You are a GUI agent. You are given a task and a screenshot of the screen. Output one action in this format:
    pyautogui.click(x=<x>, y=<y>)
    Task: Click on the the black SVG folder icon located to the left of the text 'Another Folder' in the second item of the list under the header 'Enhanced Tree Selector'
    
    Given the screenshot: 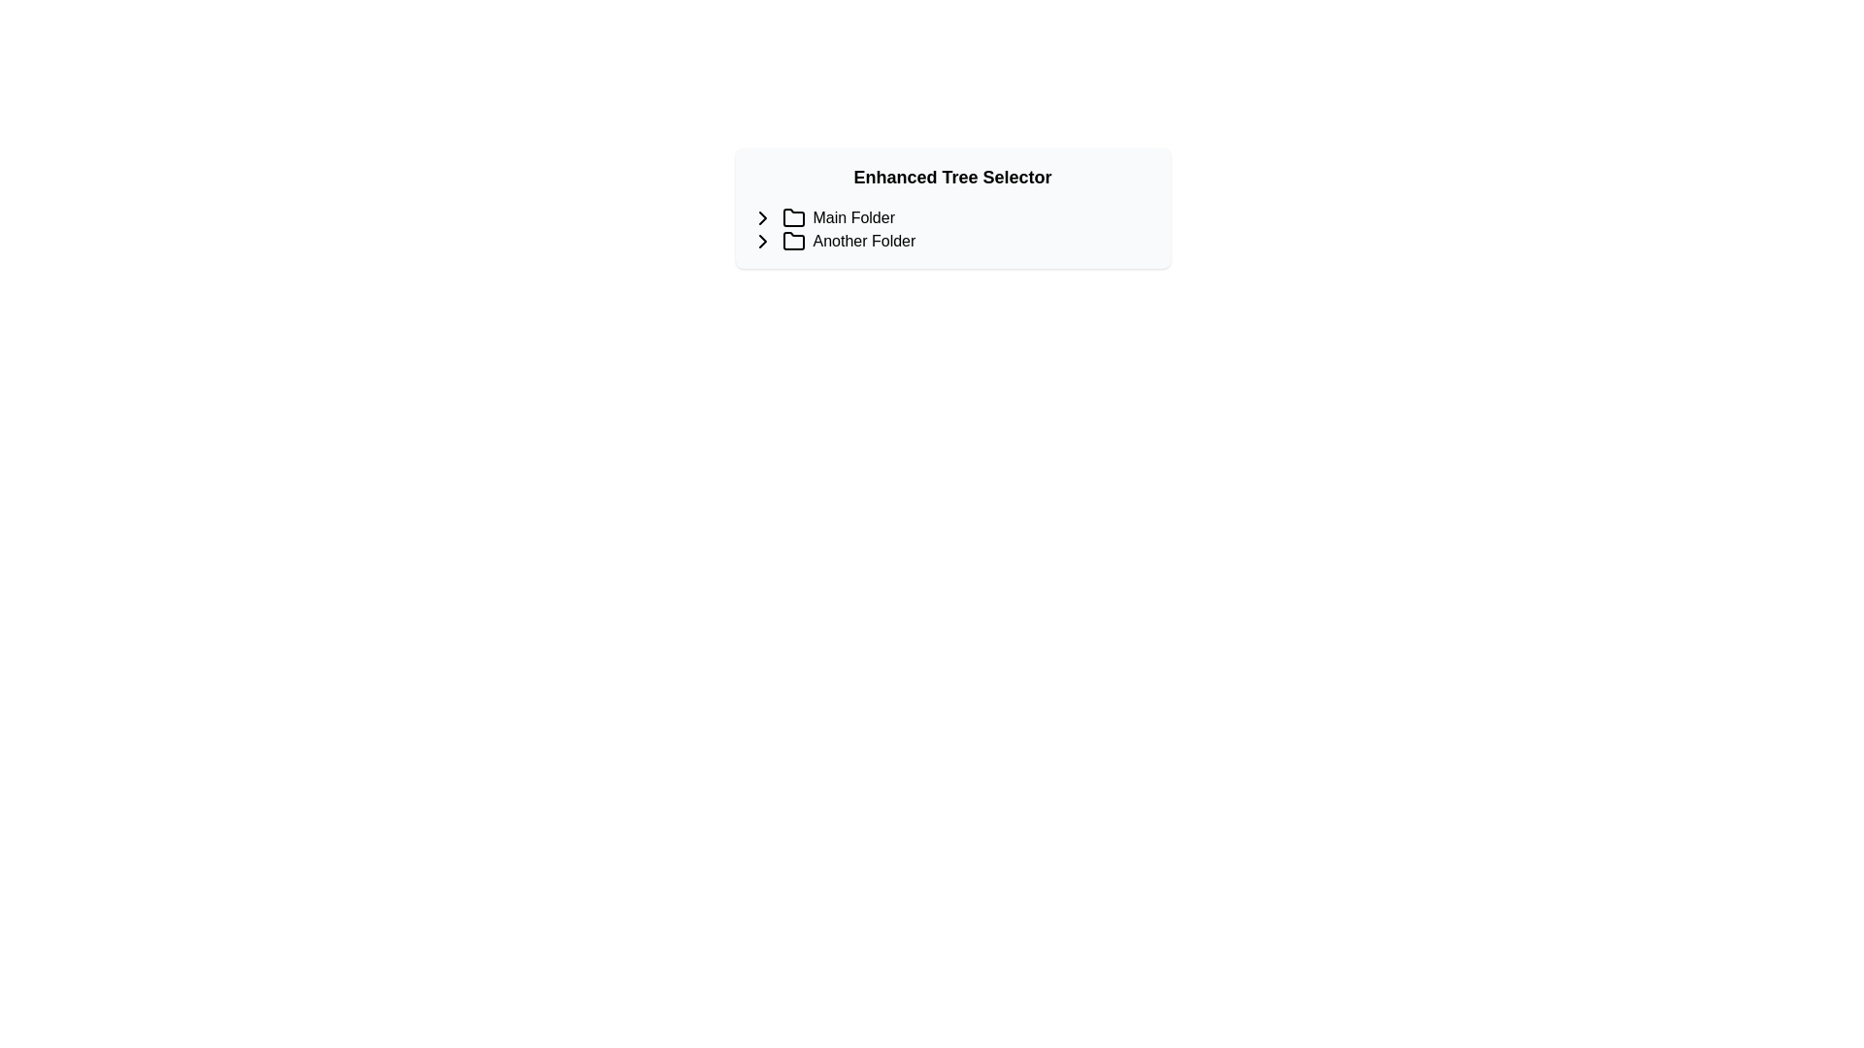 What is the action you would take?
    pyautogui.click(x=793, y=241)
    